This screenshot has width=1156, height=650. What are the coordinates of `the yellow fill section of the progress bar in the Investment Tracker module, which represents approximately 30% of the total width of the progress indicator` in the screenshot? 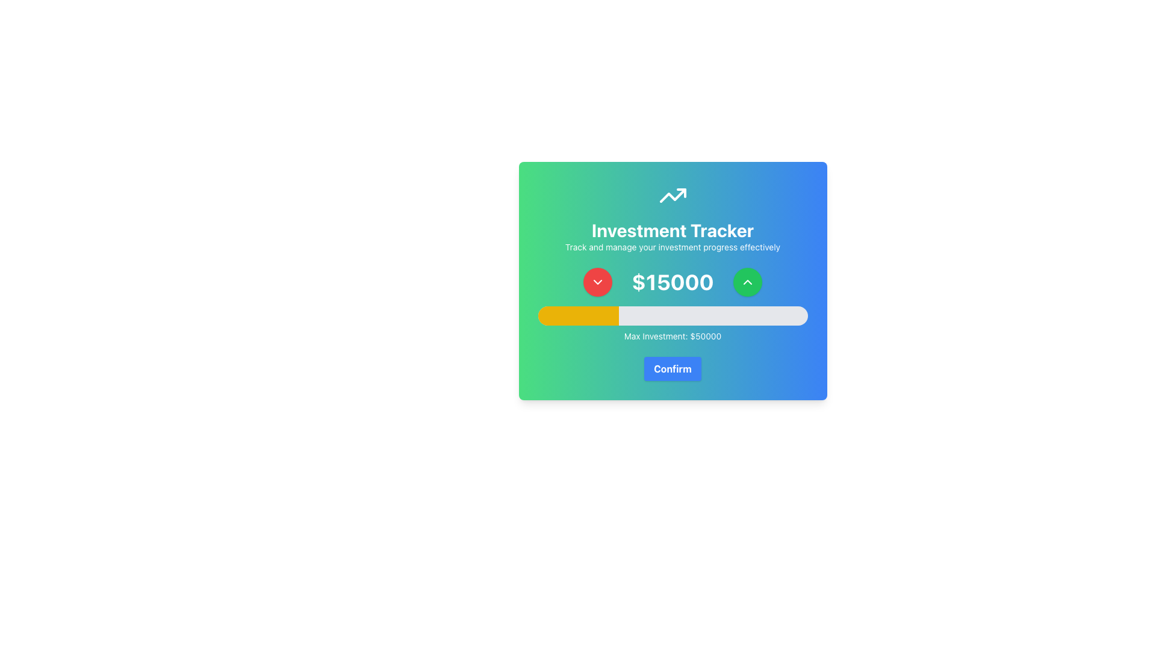 It's located at (578, 315).